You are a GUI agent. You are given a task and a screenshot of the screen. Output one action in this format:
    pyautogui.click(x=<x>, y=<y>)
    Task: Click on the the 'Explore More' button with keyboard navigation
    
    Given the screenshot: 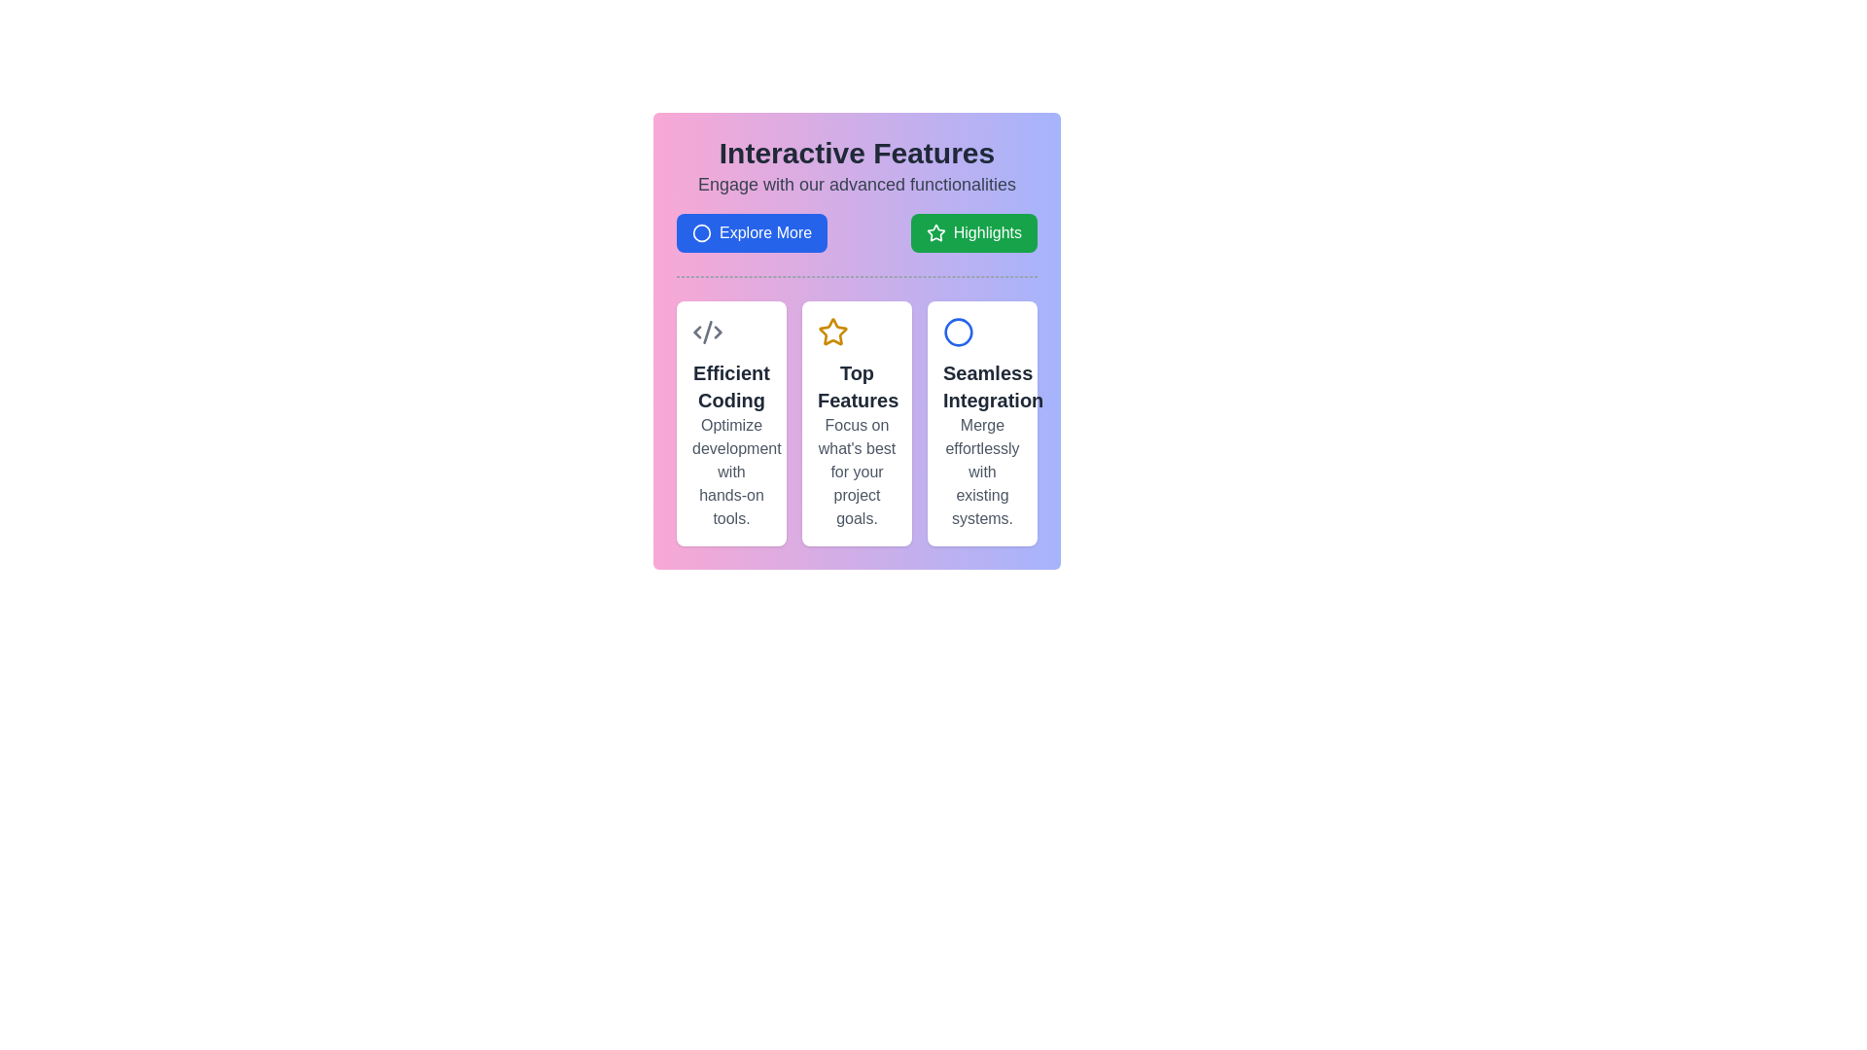 What is the action you would take?
    pyautogui.click(x=751, y=231)
    